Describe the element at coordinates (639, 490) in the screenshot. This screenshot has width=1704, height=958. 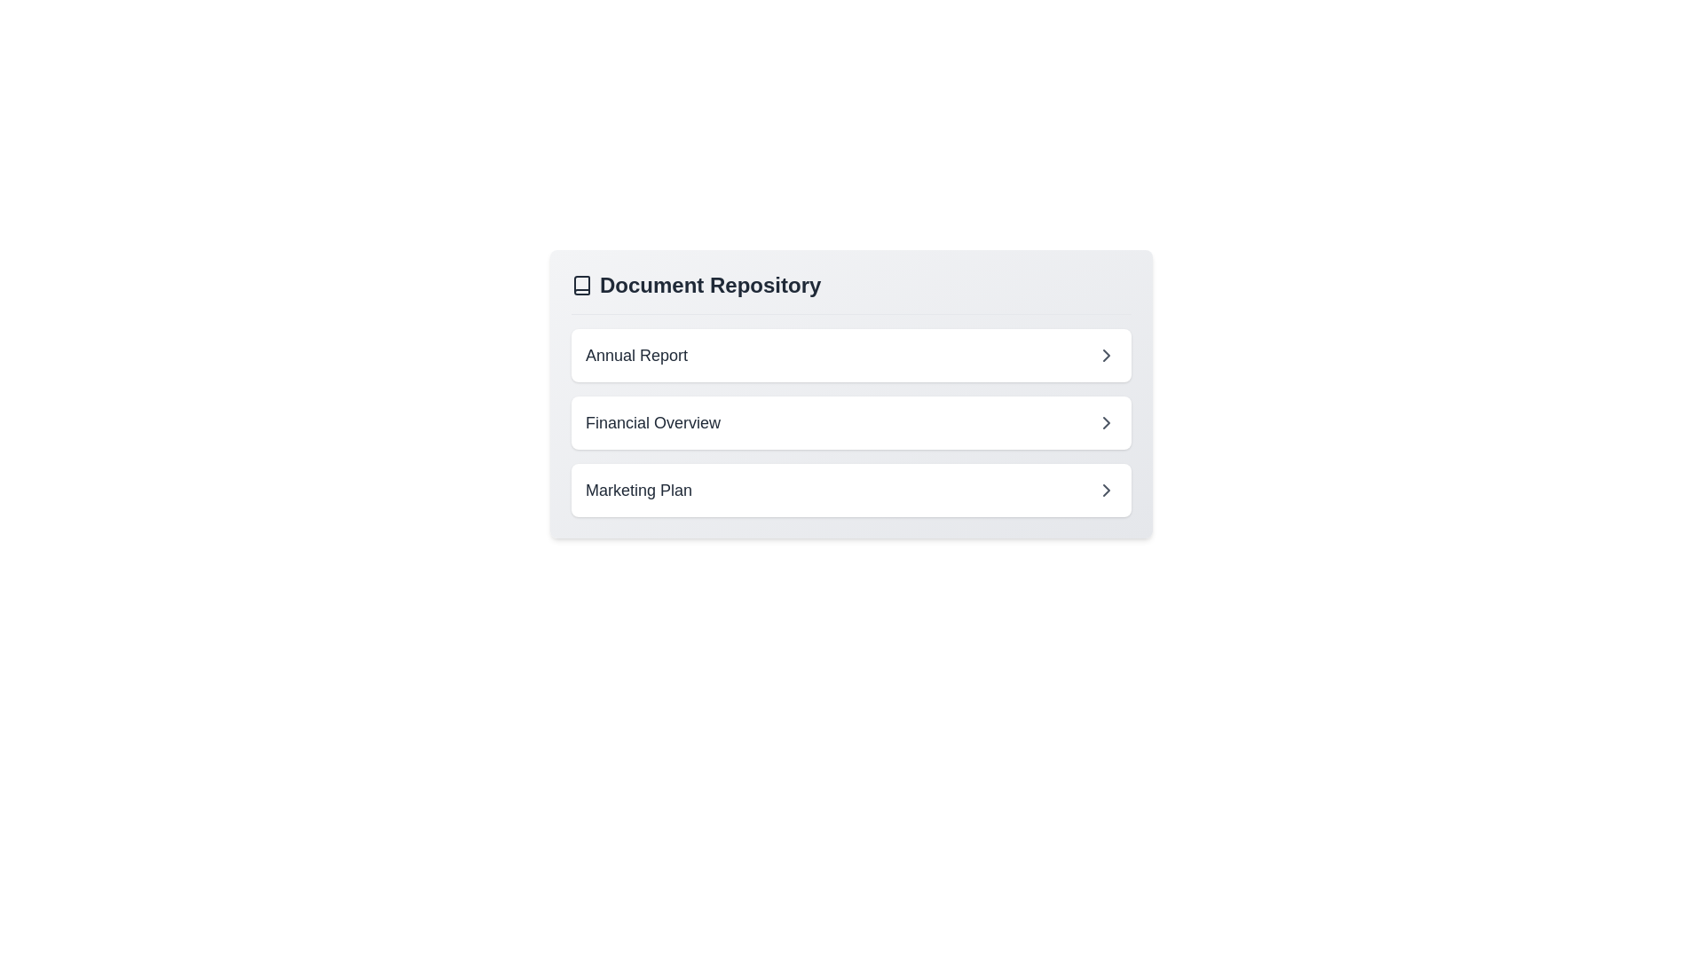
I see `the 'Marketing Plan' text label located in the third row under the 'Document Repository' section, which is left-aligned and accompanied by a right-aligned chevron icon` at that location.